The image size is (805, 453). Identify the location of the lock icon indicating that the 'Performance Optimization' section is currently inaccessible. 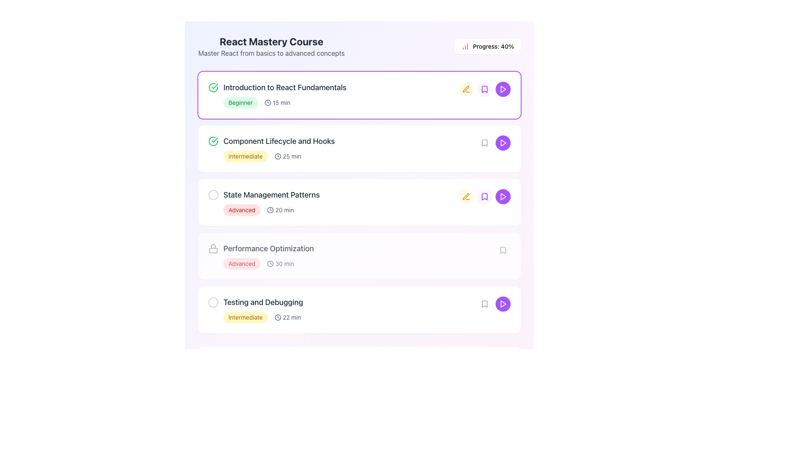
(213, 248).